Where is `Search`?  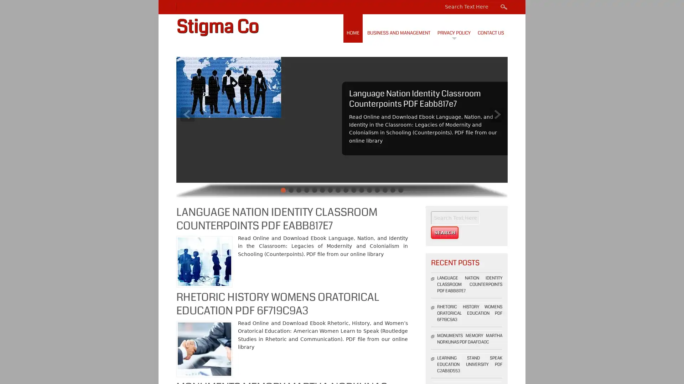 Search is located at coordinates (444, 233).